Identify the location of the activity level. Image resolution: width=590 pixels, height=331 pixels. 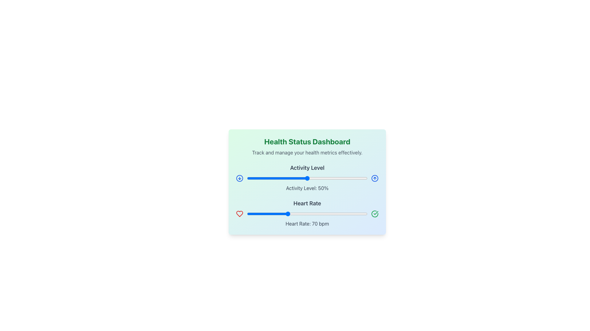
(361, 178).